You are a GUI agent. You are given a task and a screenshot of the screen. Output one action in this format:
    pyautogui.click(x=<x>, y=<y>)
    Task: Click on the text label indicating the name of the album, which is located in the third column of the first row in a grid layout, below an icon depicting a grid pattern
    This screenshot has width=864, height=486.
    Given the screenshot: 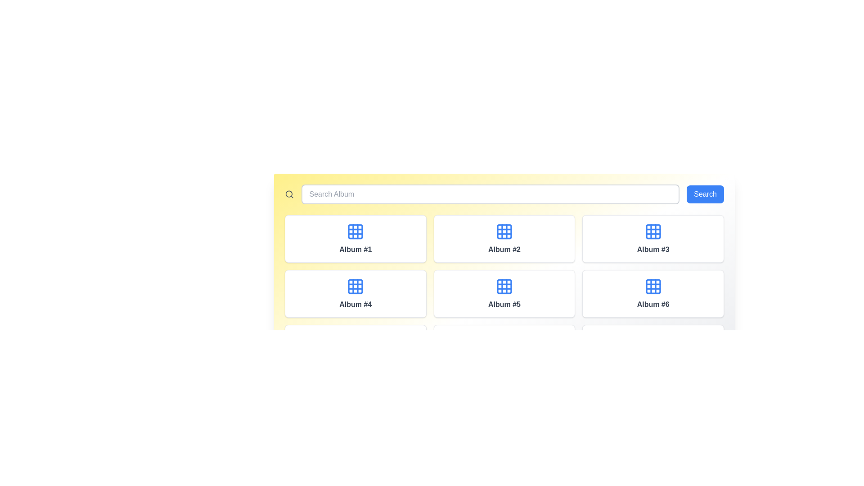 What is the action you would take?
    pyautogui.click(x=653, y=250)
    